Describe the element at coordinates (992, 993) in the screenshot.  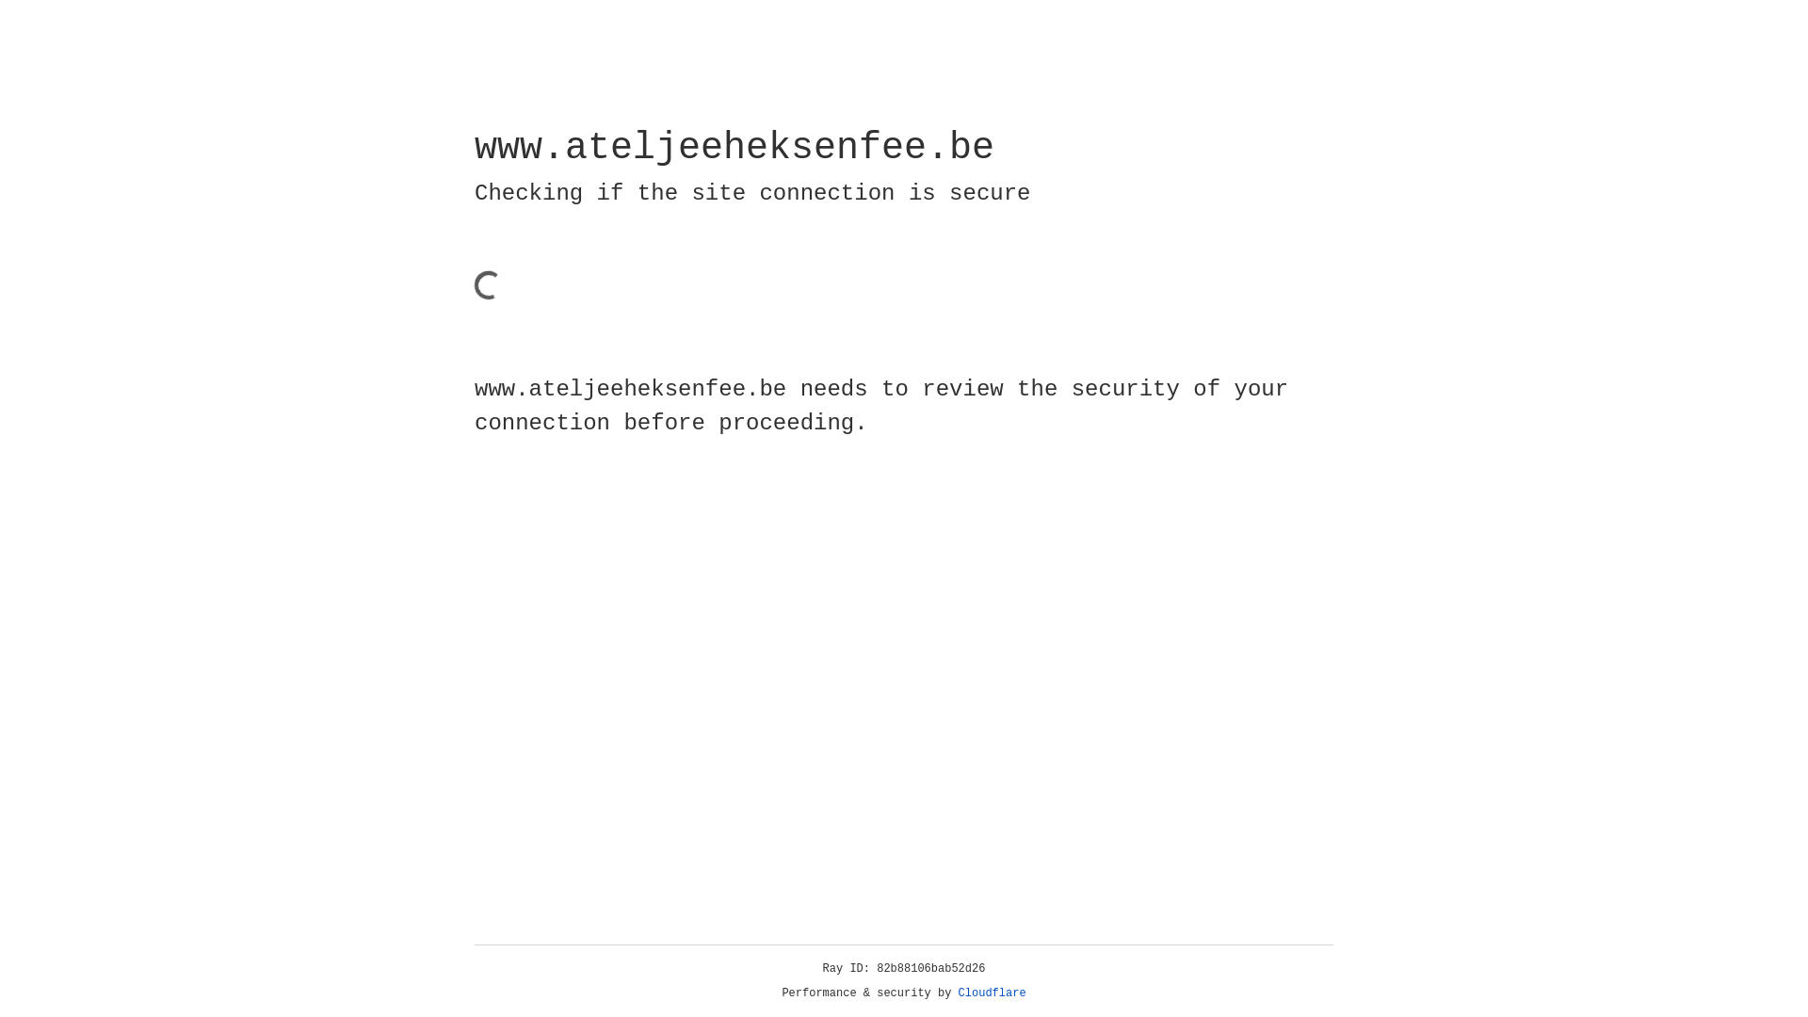
I see `'Cloudflare'` at that location.